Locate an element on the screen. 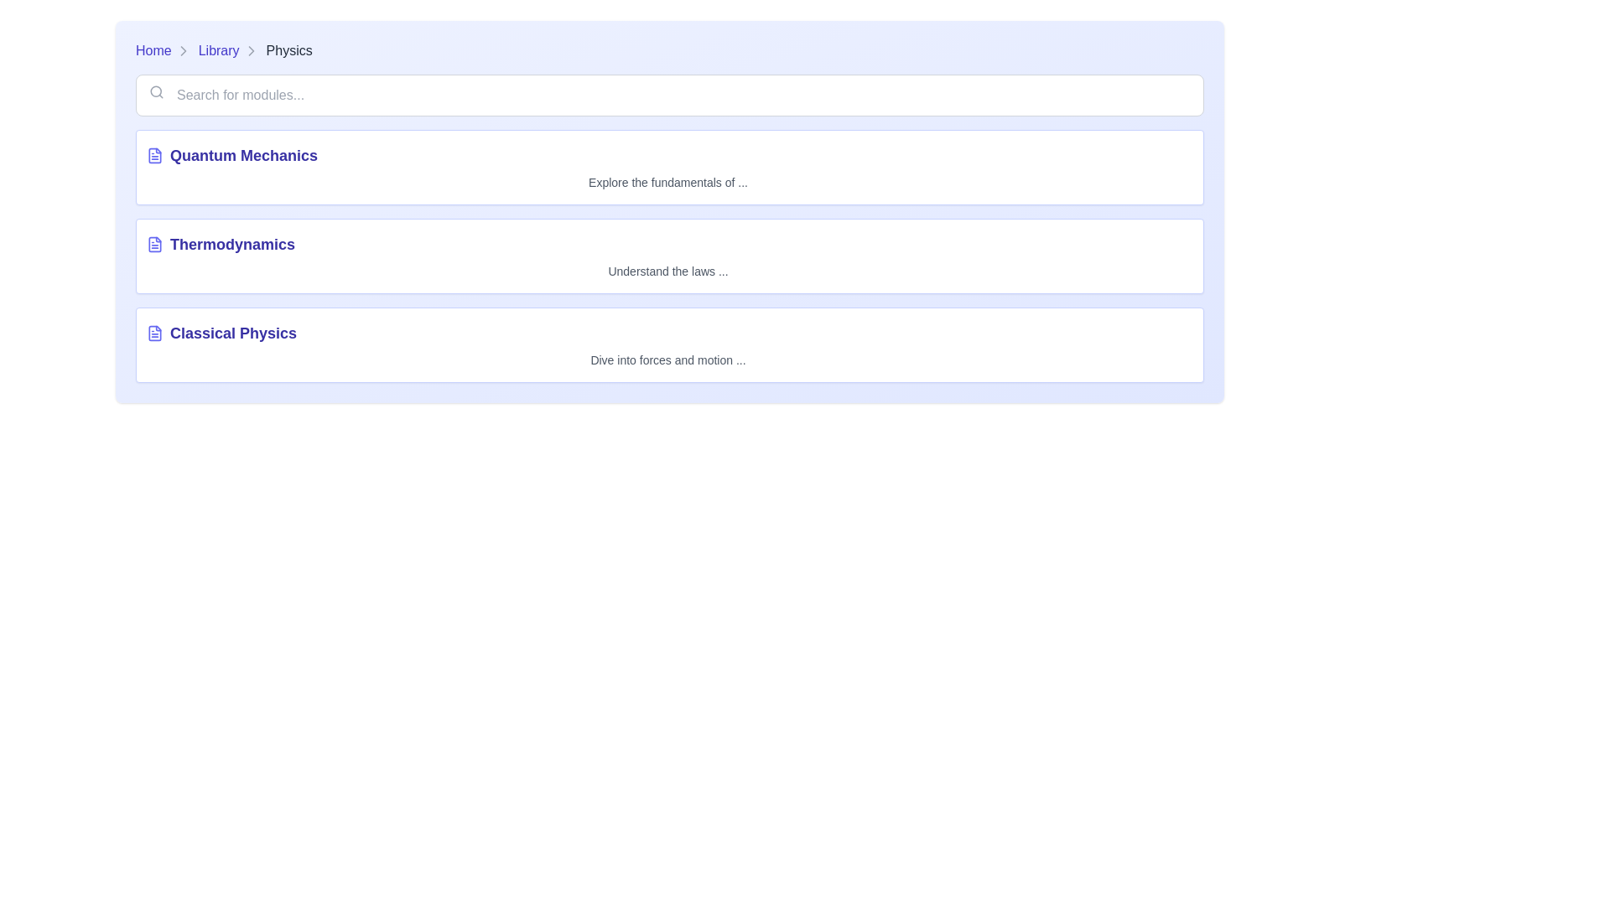 The width and height of the screenshot is (1610, 905). the document icon representing 'Classical Physics' to associate it with its labeled content is located at coordinates (155, 333).